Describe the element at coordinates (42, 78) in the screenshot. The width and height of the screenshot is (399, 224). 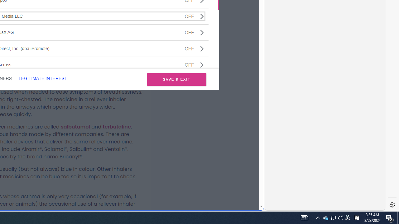
I see `'LEGITIMATE INTEREST'` at that location.